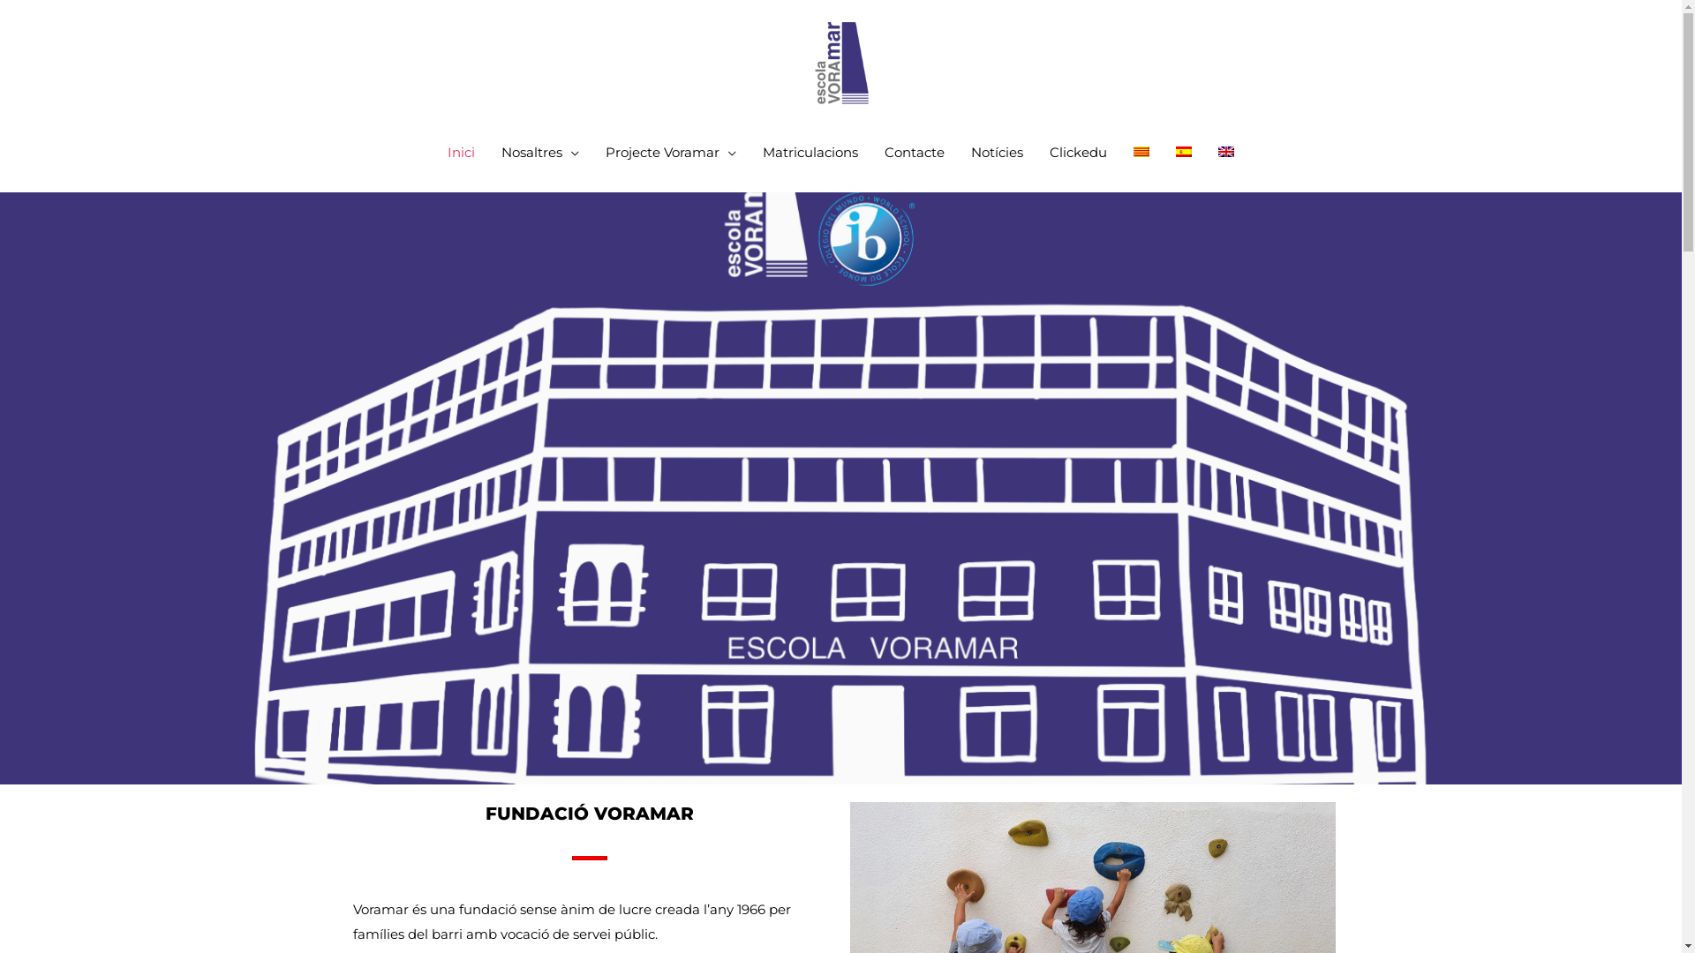  I want to click on 'Inici', so click(433, 152).